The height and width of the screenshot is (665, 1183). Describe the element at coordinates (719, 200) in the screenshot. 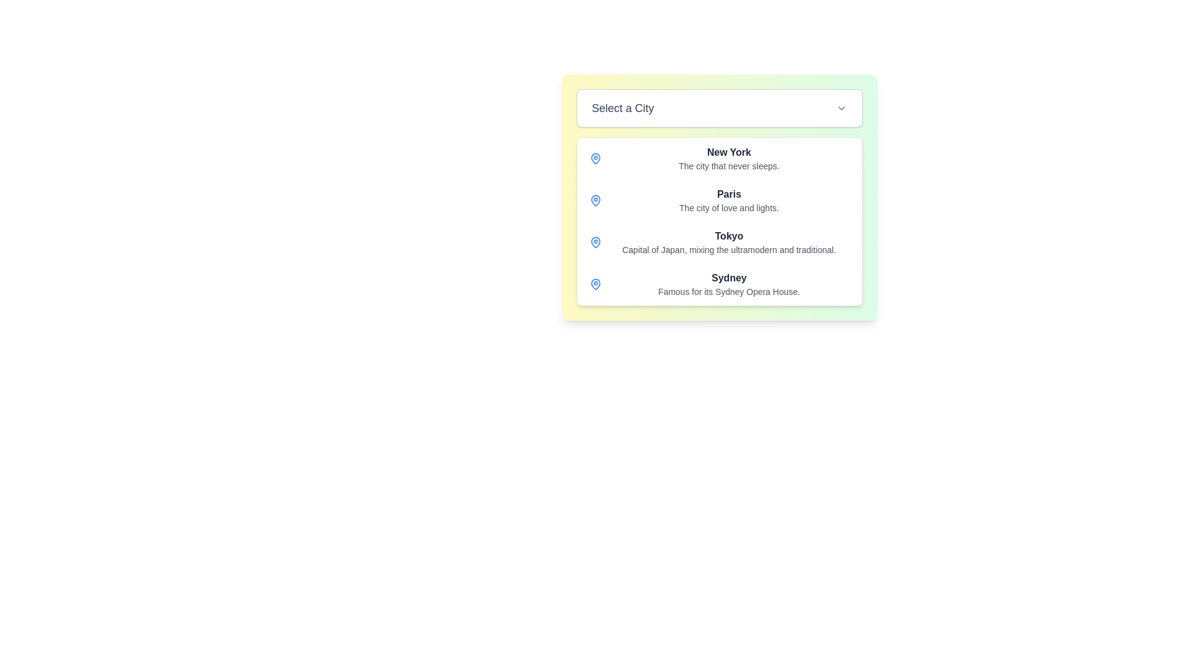

I see `the second item in the vertical list, which features a blue map marker icon and the text 'Paris' with a subtitle 'The city of love and lights.'` at that location.